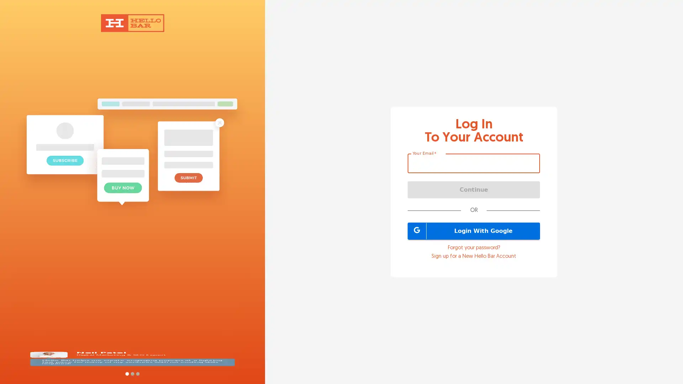 The width and height of the screenshot is (683, 384). What do you see at coordinates (132, 373) in the screenshot?
I see `carousel indicator 2` at bounding box center [132, 373].